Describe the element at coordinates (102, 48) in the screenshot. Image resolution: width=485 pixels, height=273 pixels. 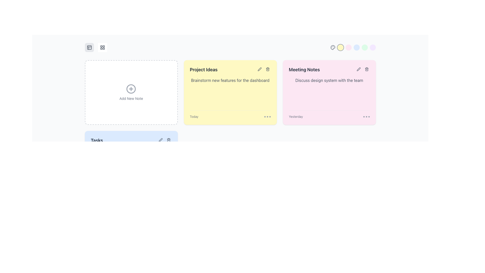
I see `the SVG graphic icon that serves as a visual indicator for grid layout functionality, located towards the top-left area of the interface` at that location.